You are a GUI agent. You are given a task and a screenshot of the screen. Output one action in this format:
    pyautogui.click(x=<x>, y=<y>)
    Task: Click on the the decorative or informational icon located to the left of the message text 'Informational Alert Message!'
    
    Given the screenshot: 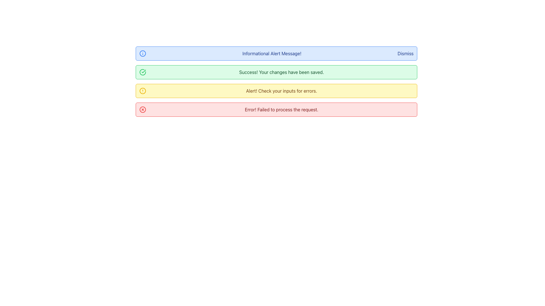 What is the action you would take?
    pyautogui.click(x=143, y=54)
    